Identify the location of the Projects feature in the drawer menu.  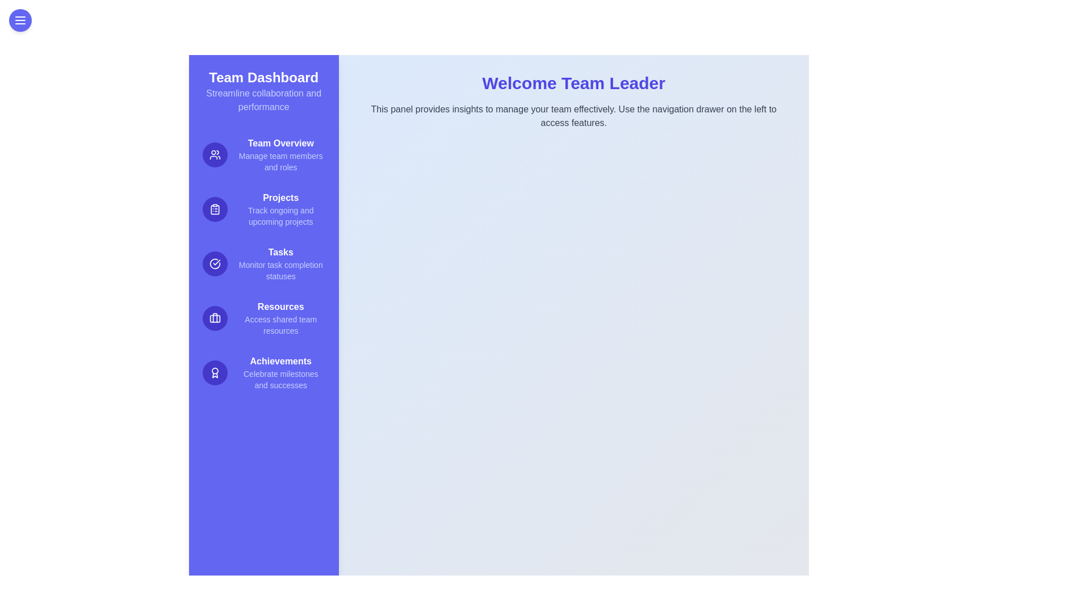
(263, 209).